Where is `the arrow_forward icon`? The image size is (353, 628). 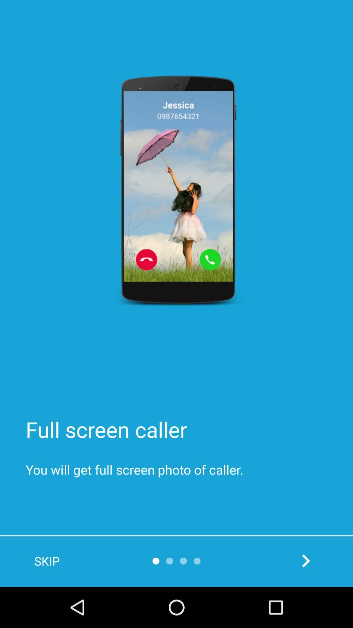 the arrow_forward icon is located at coordinates (306, 560).